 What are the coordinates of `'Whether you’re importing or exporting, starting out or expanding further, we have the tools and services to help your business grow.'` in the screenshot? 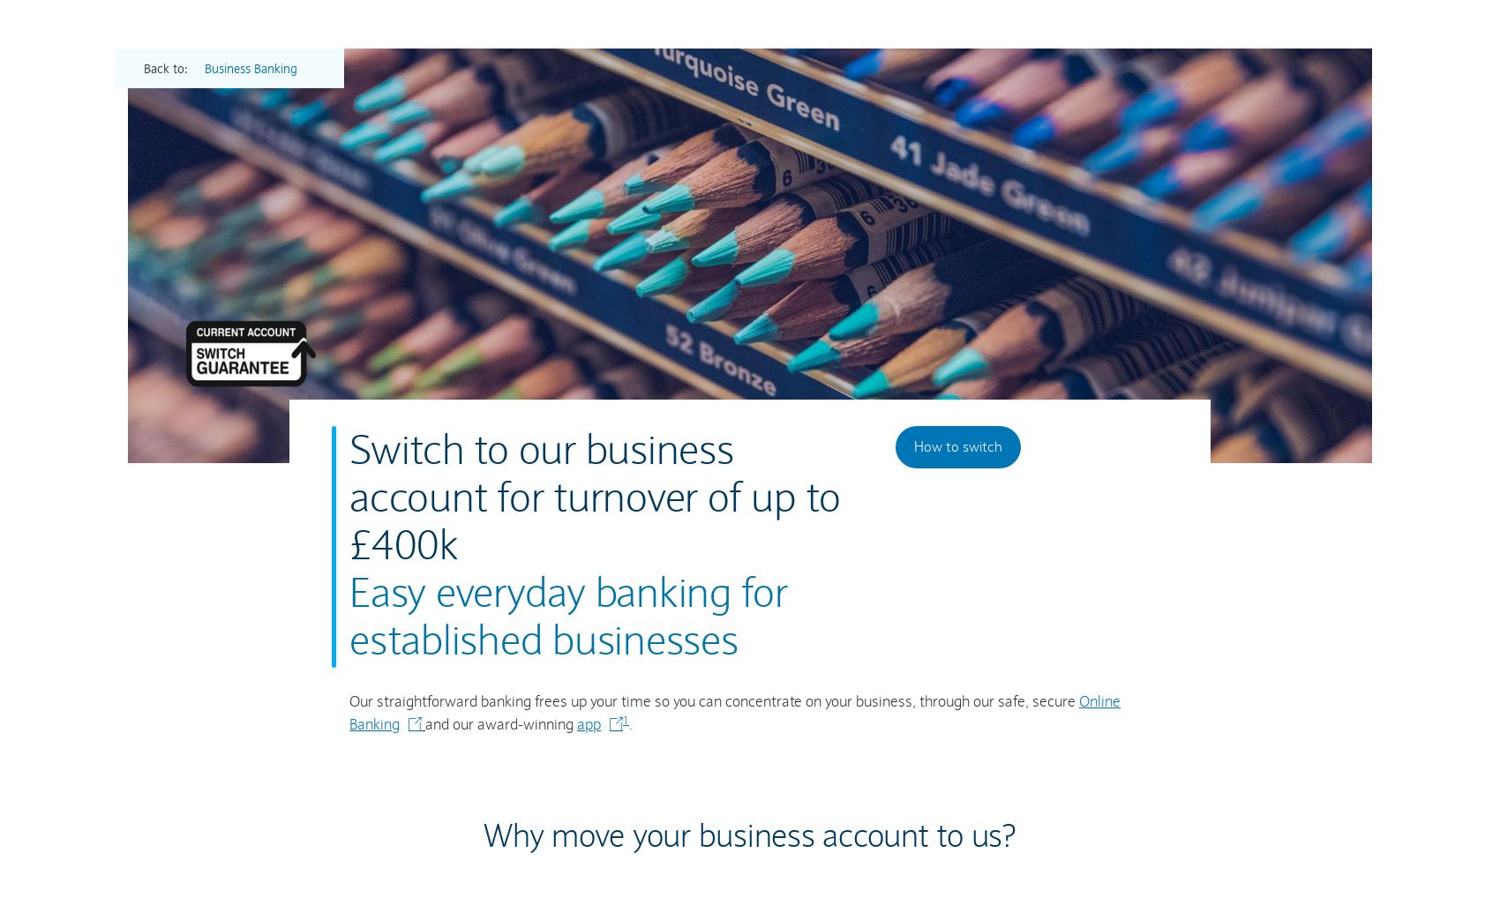 It's located at (746, 241).